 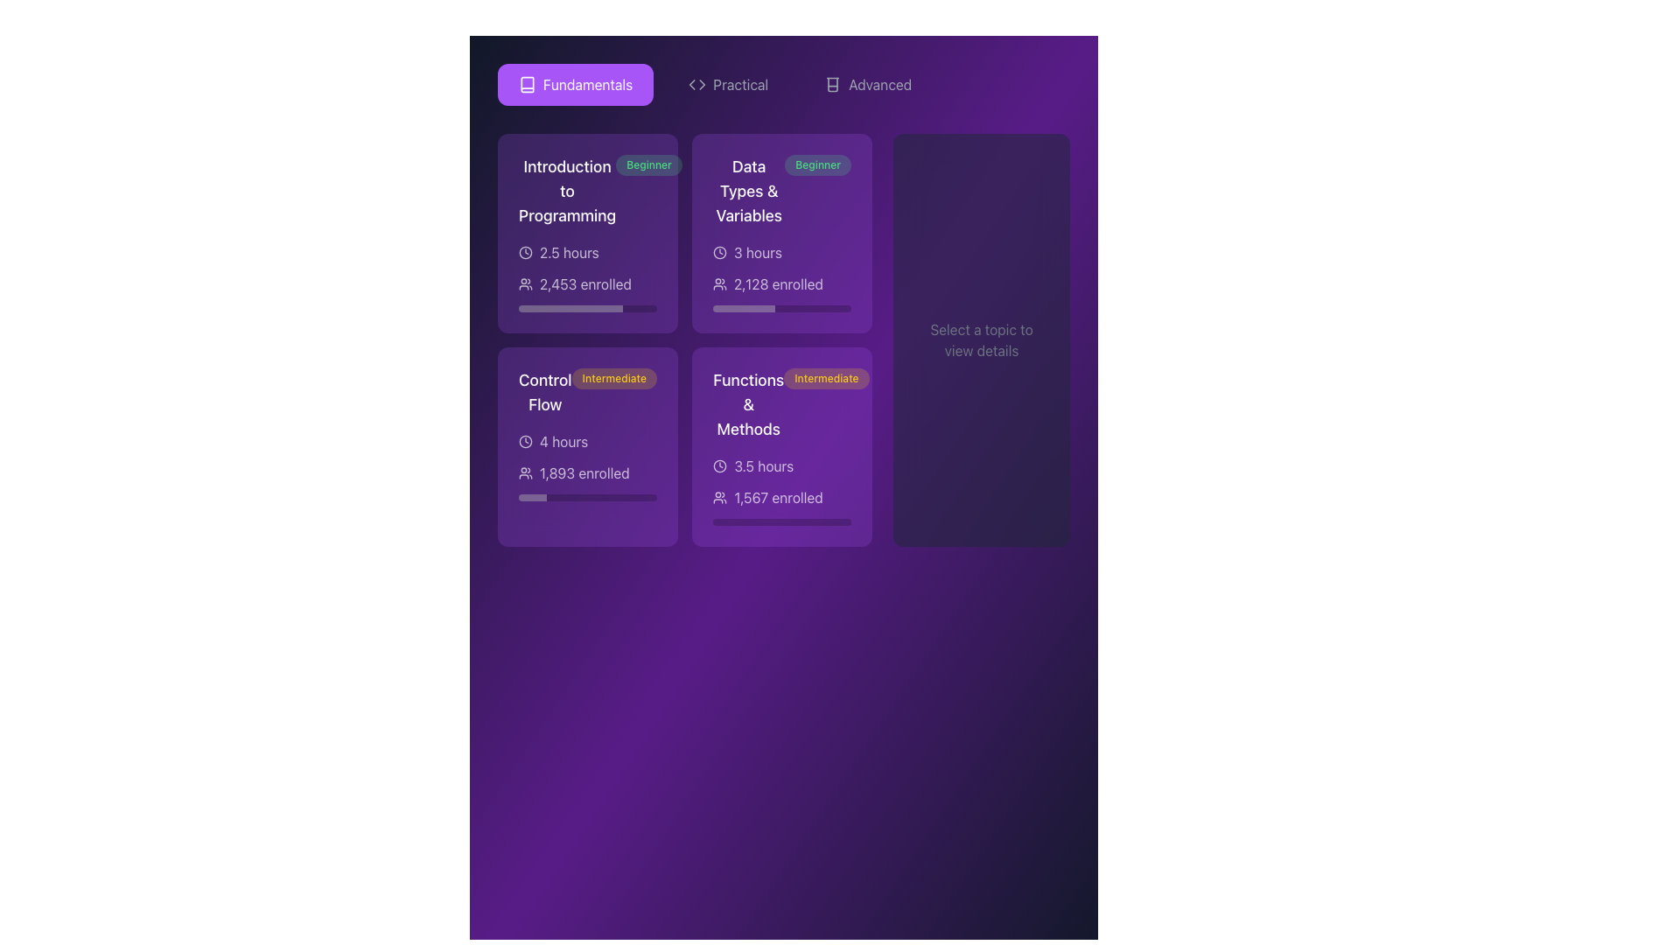 I want to click on the Label containing '4 hours' and '1,893 enrolled' with icons, located at the bottom of the 'Control Flow' card in the second column and first row of the grid layout, so click(x=588, y=465).